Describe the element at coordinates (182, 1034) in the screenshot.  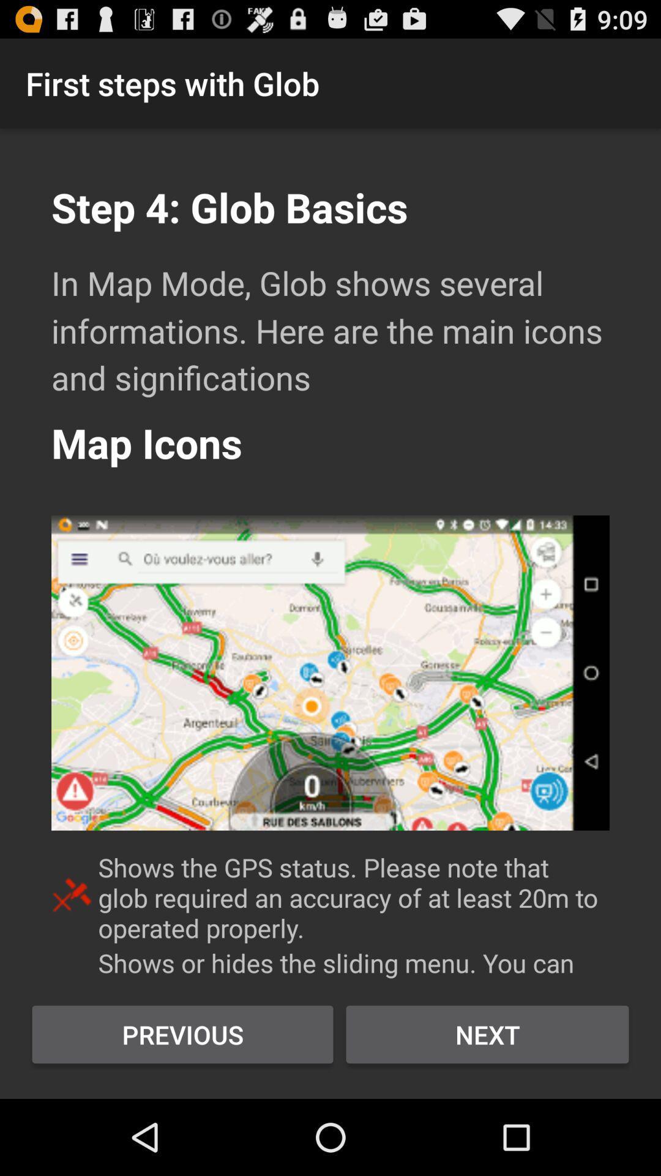
I see `the item next to the next icon` at that location.